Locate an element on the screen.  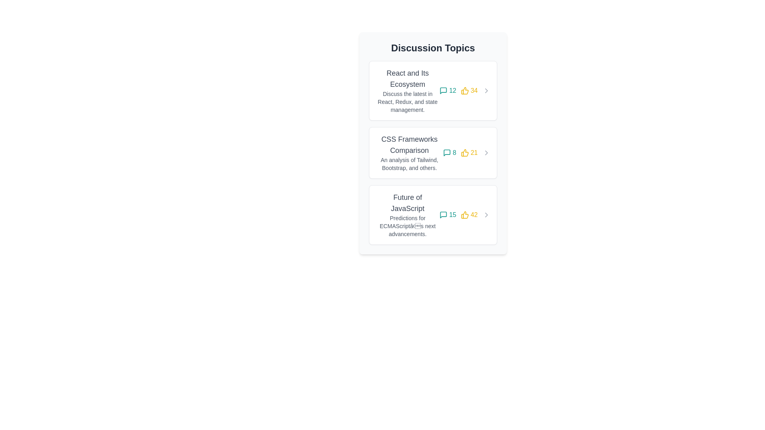
the chevron icon located in the 'CSS Frameworks Comparison' section, adjacent to the numerical '21' element, which serves as a navigational indicator is located at coordinates (486, 153).